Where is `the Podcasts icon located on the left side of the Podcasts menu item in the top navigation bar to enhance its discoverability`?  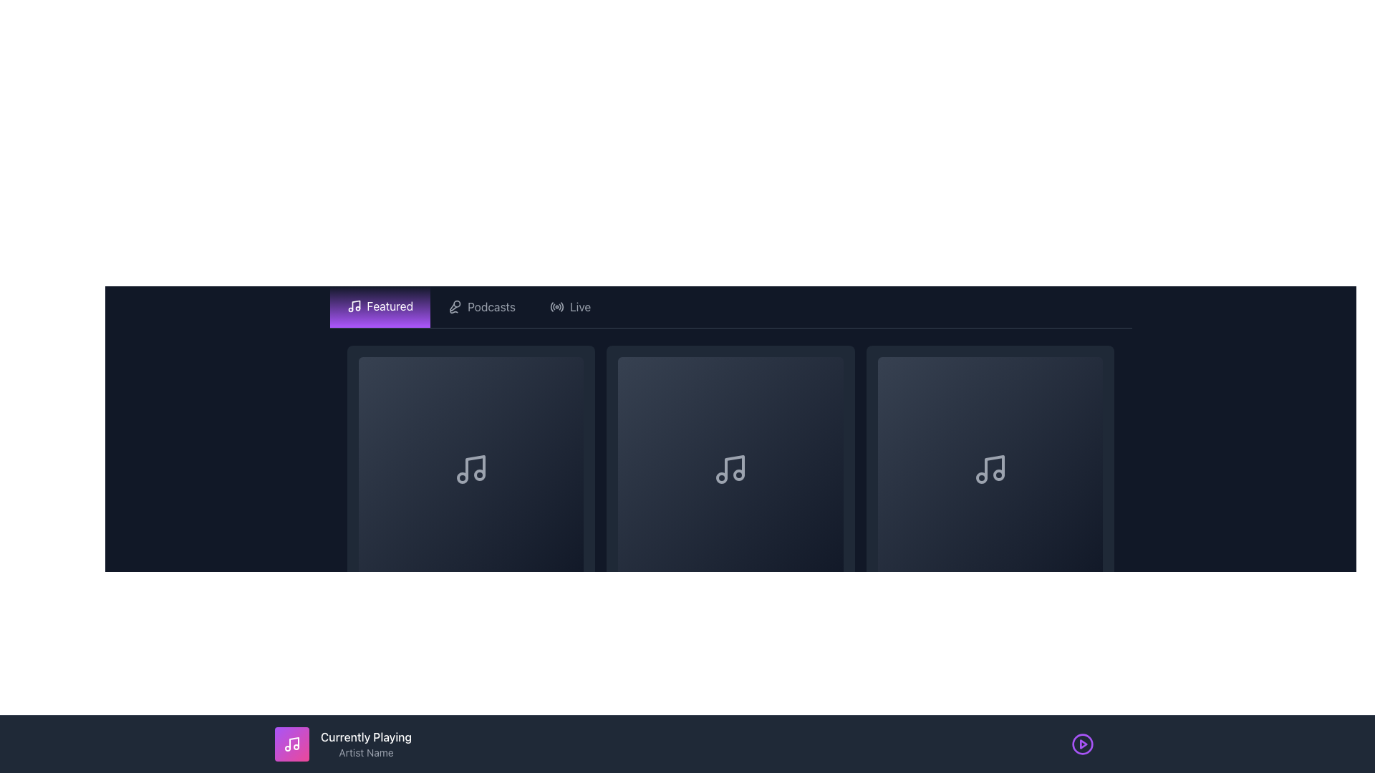
the Podcasts icon located on the left side of the Podcasts menu item in the top navigation bar to enhance its discoverability is located at coordinates (454, 306).